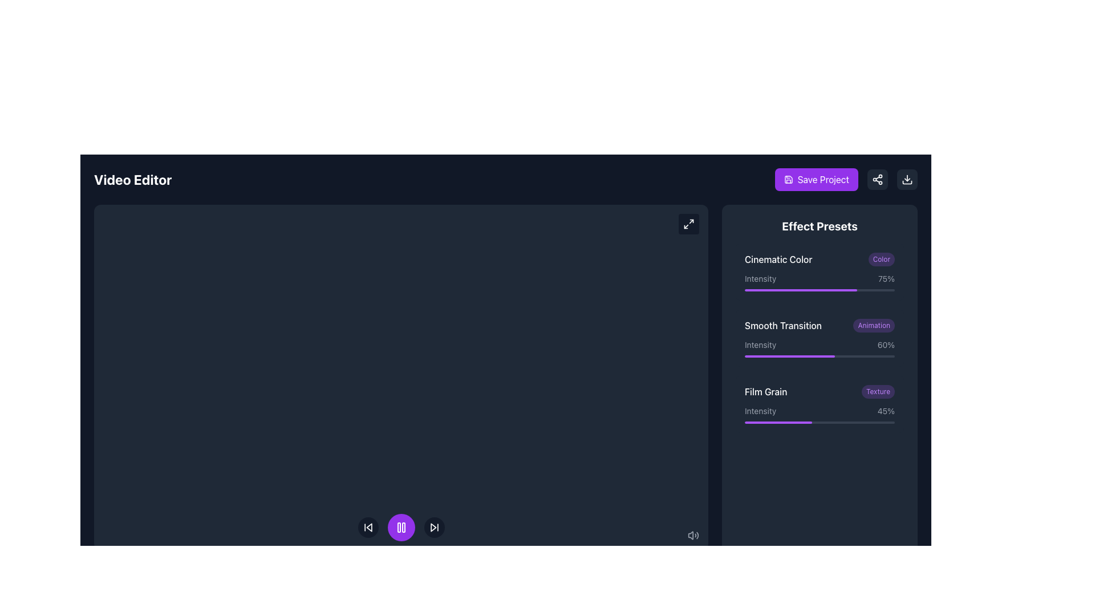 The height and width of the screenshot is (616, 1095). Describe the element at coordinates (765, 290) in the screenshot. I see `Cinematic Color Intensity` at that location.